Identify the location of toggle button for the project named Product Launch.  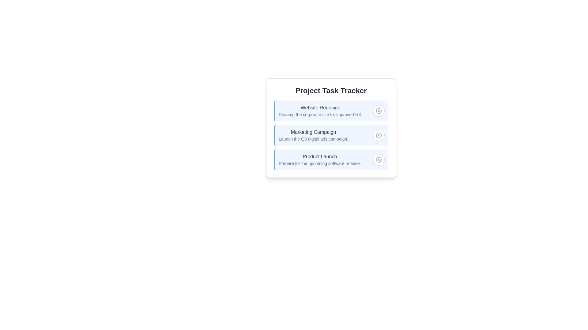
(379, 159).